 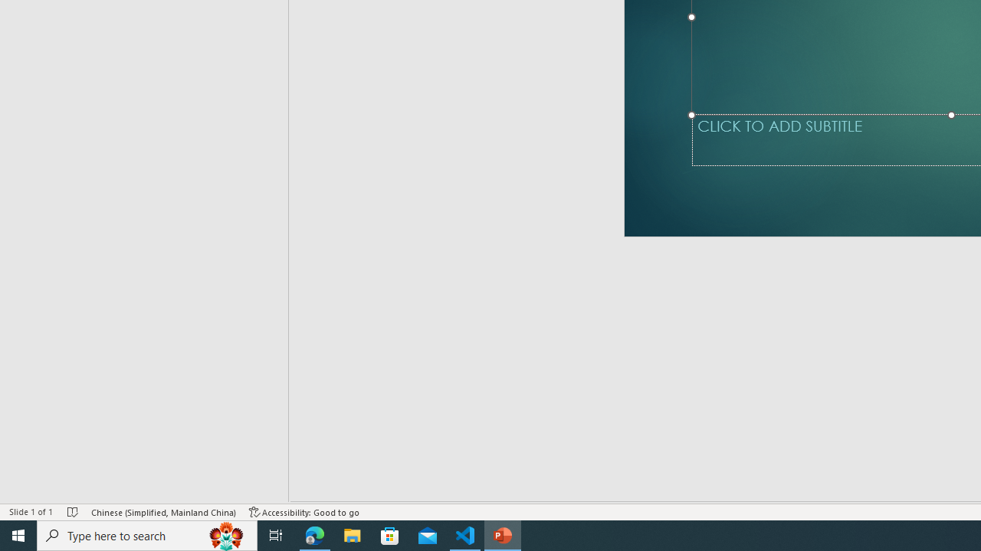 I want to click on 'Spell Check No Errors', so click(x=73, y=512).